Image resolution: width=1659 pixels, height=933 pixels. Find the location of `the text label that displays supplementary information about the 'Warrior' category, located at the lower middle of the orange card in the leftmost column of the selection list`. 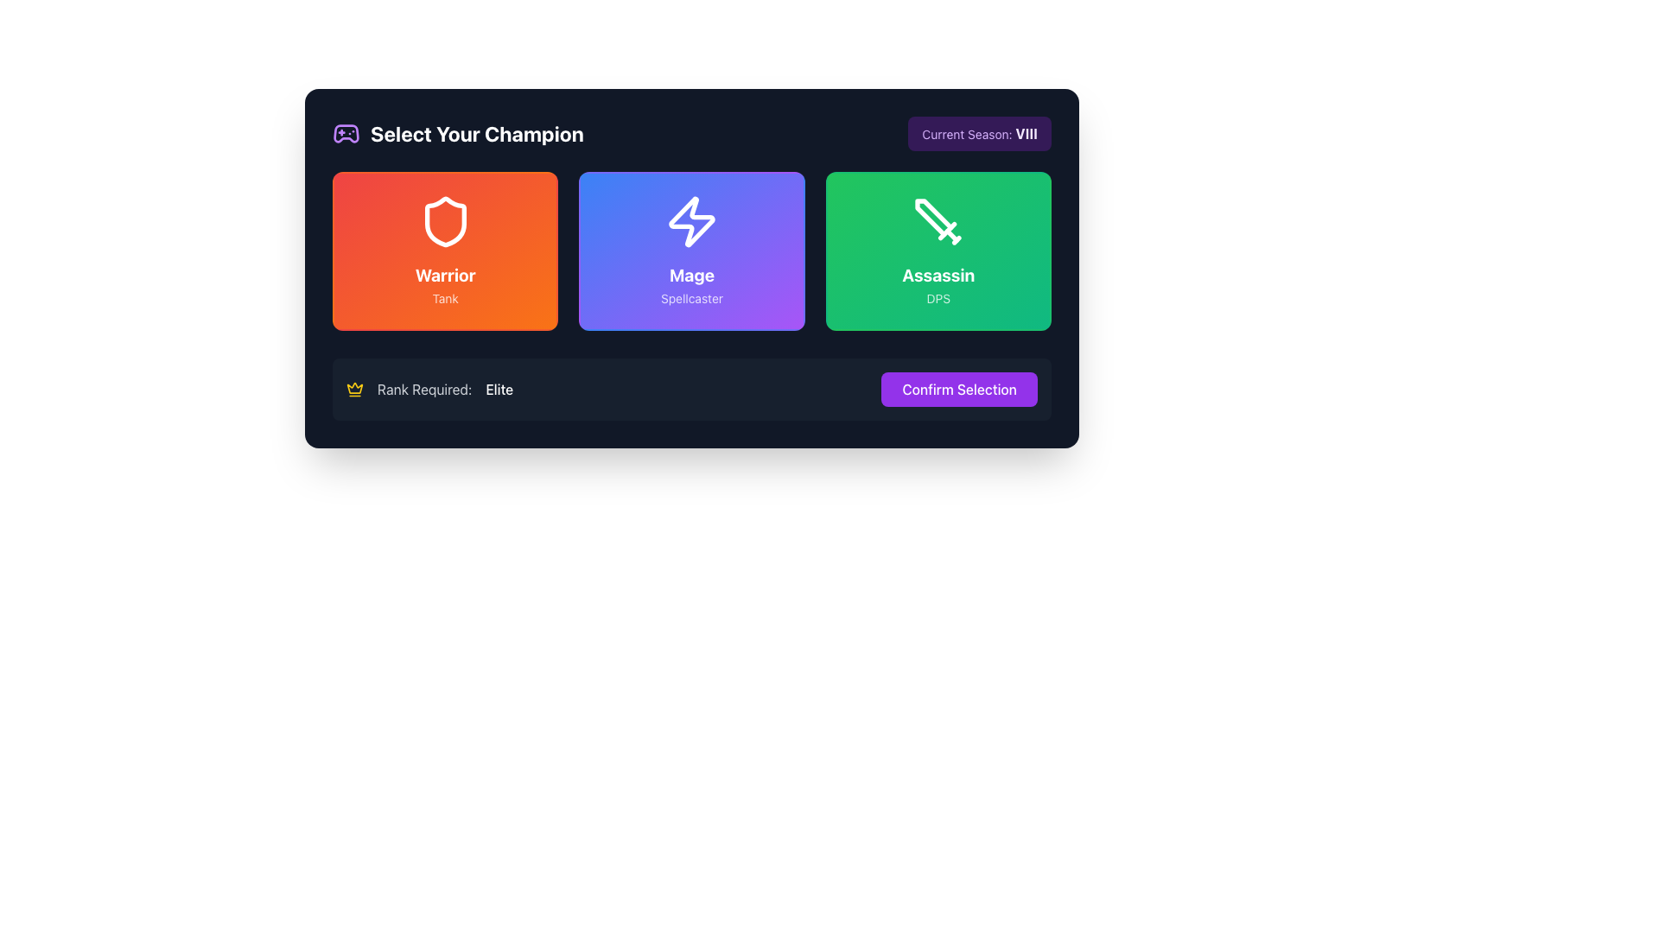

the text label that displays supplementary information about the 'Warrior' category, located at the lower middle of the orange card in the leftmost column of the selection list is located at coordinates (445, 297).